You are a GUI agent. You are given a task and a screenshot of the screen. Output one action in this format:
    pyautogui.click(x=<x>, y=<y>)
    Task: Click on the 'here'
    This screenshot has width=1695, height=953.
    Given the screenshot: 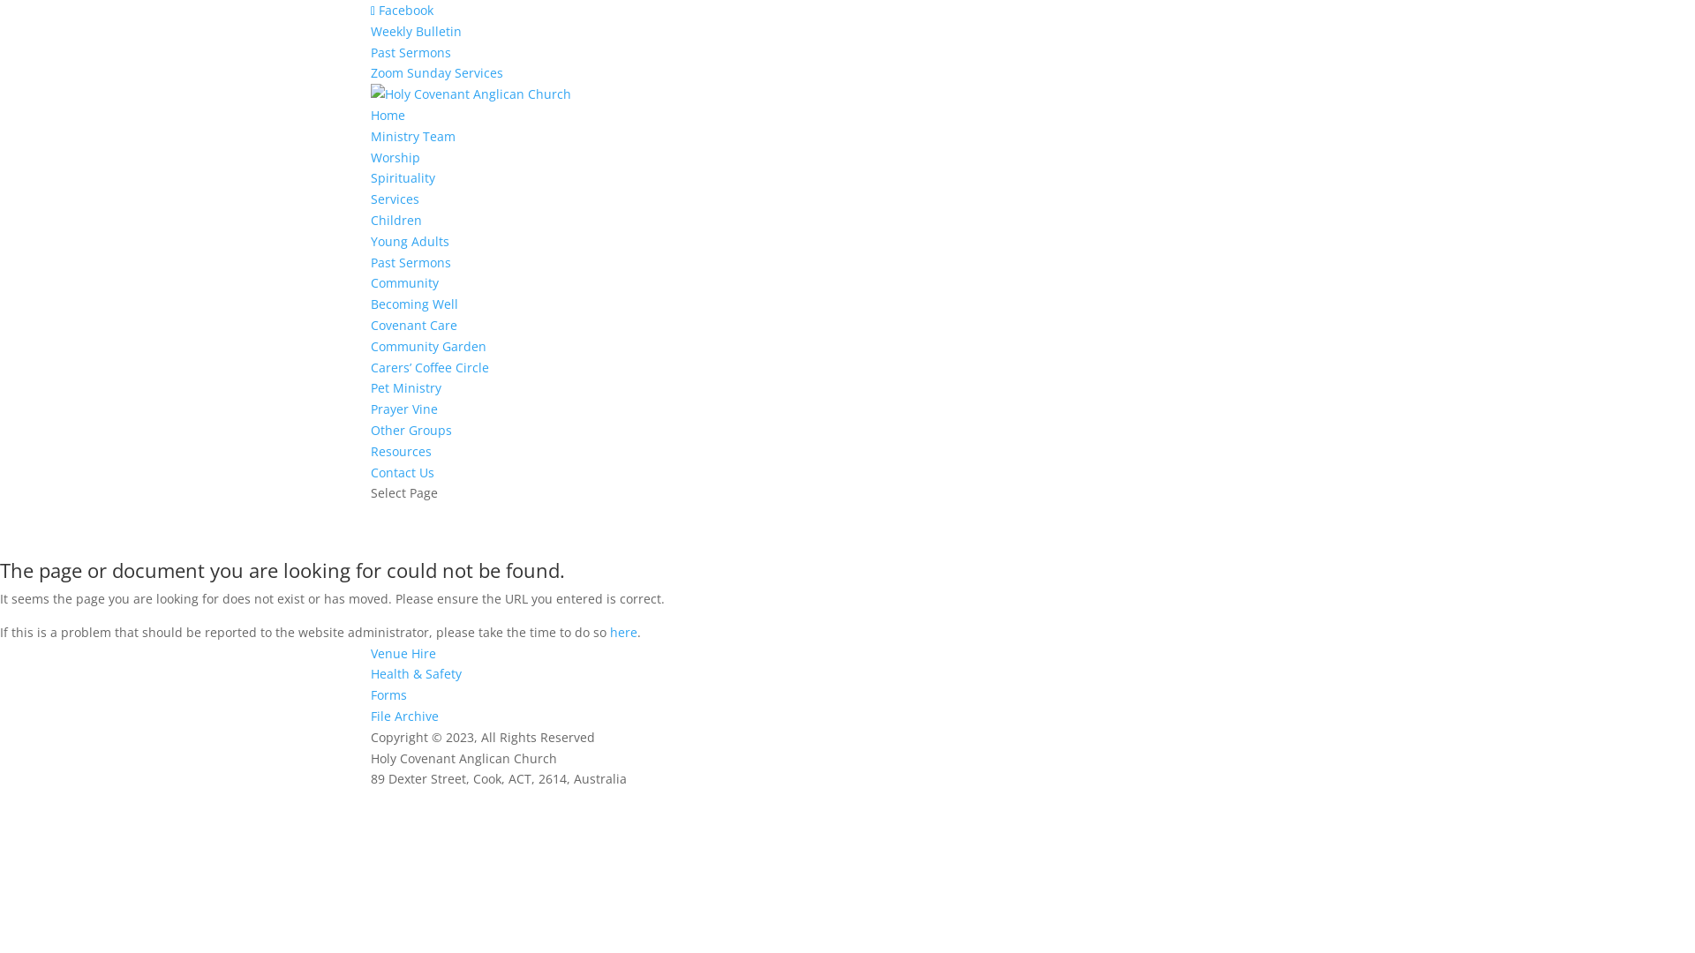 What is the action you would take?
    pyautogui.click(x=623, y=631)
    